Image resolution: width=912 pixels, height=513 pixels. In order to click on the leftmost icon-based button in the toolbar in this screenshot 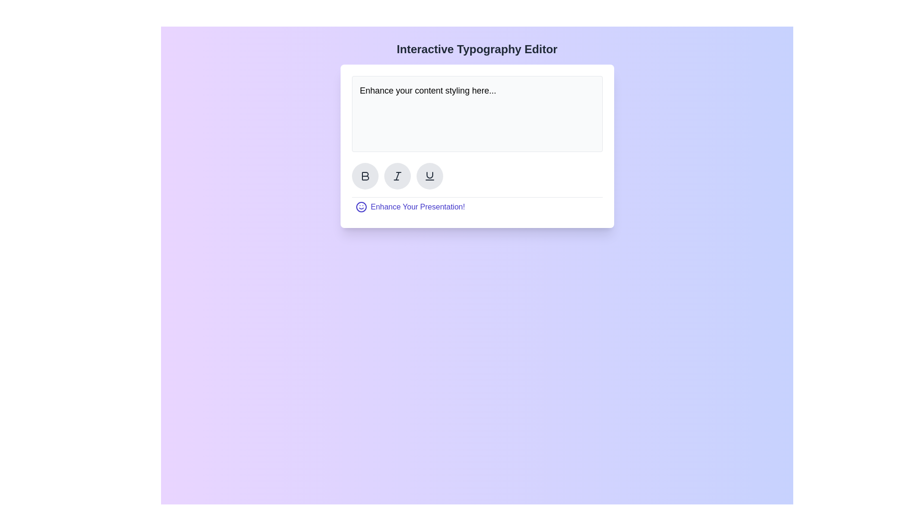, I will do `click(364, 176)`.